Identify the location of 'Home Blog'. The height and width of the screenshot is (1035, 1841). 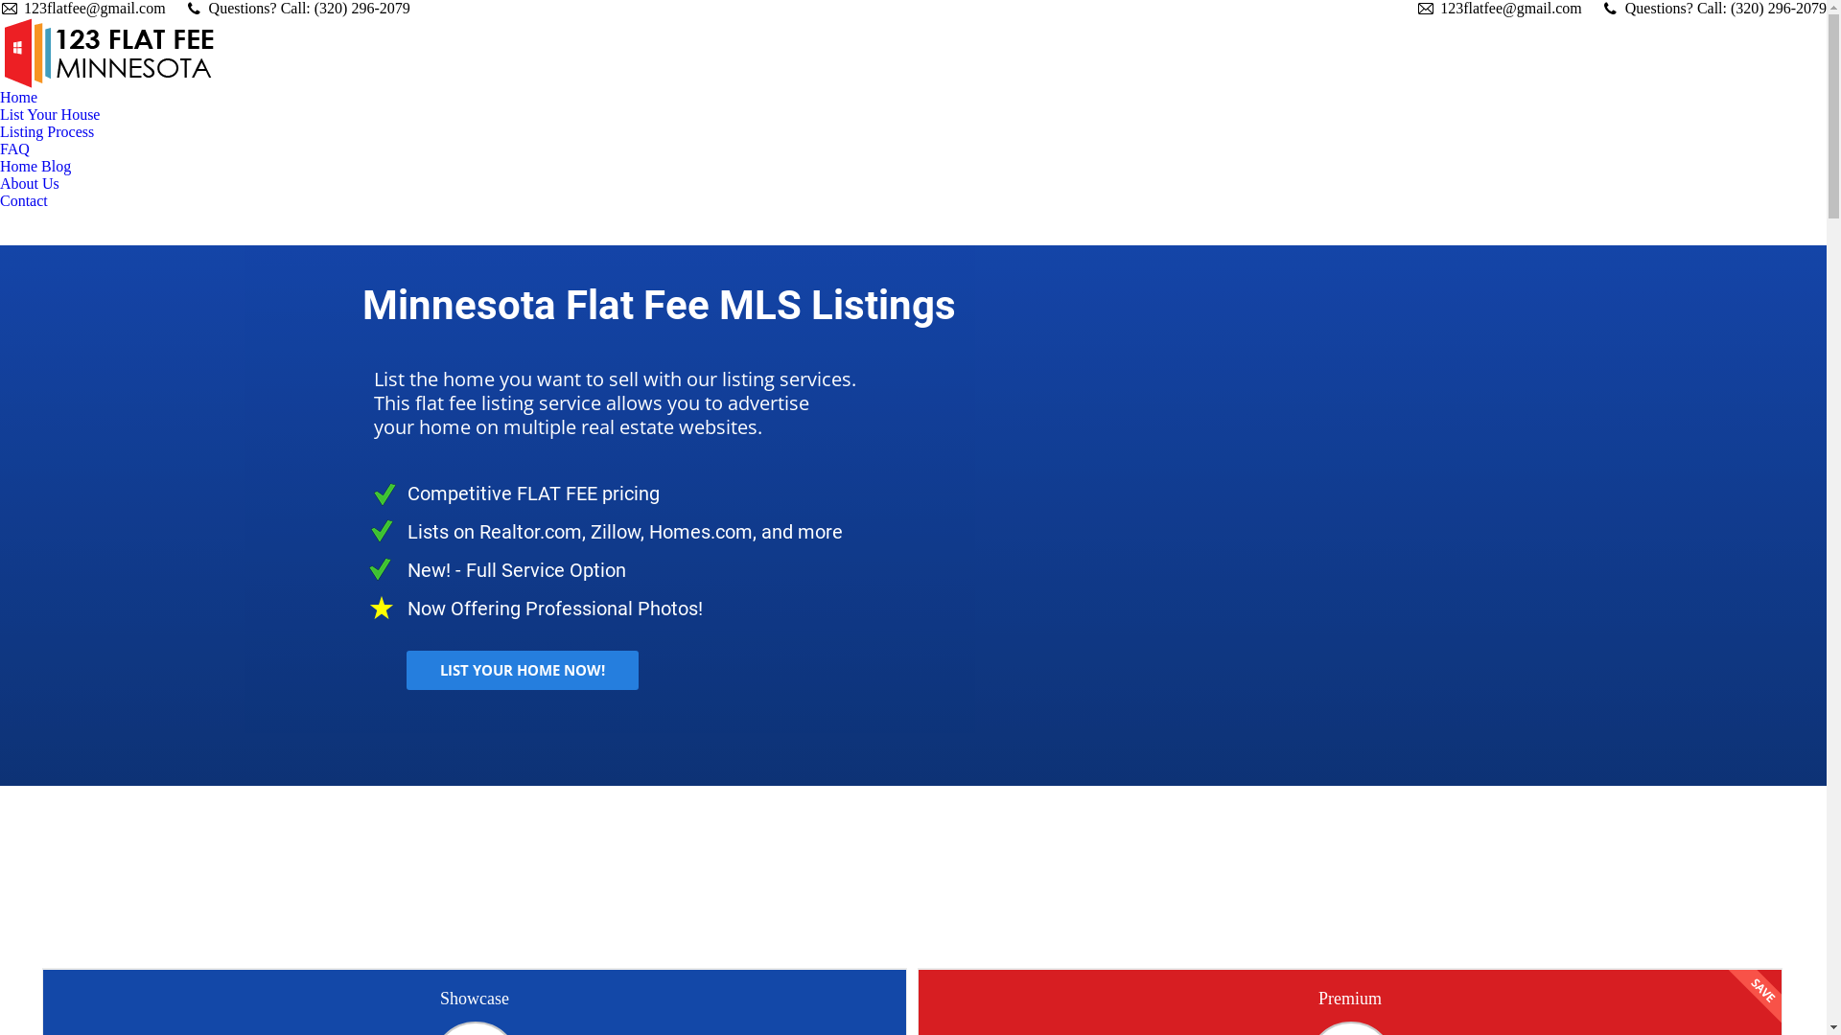
(35, 165).